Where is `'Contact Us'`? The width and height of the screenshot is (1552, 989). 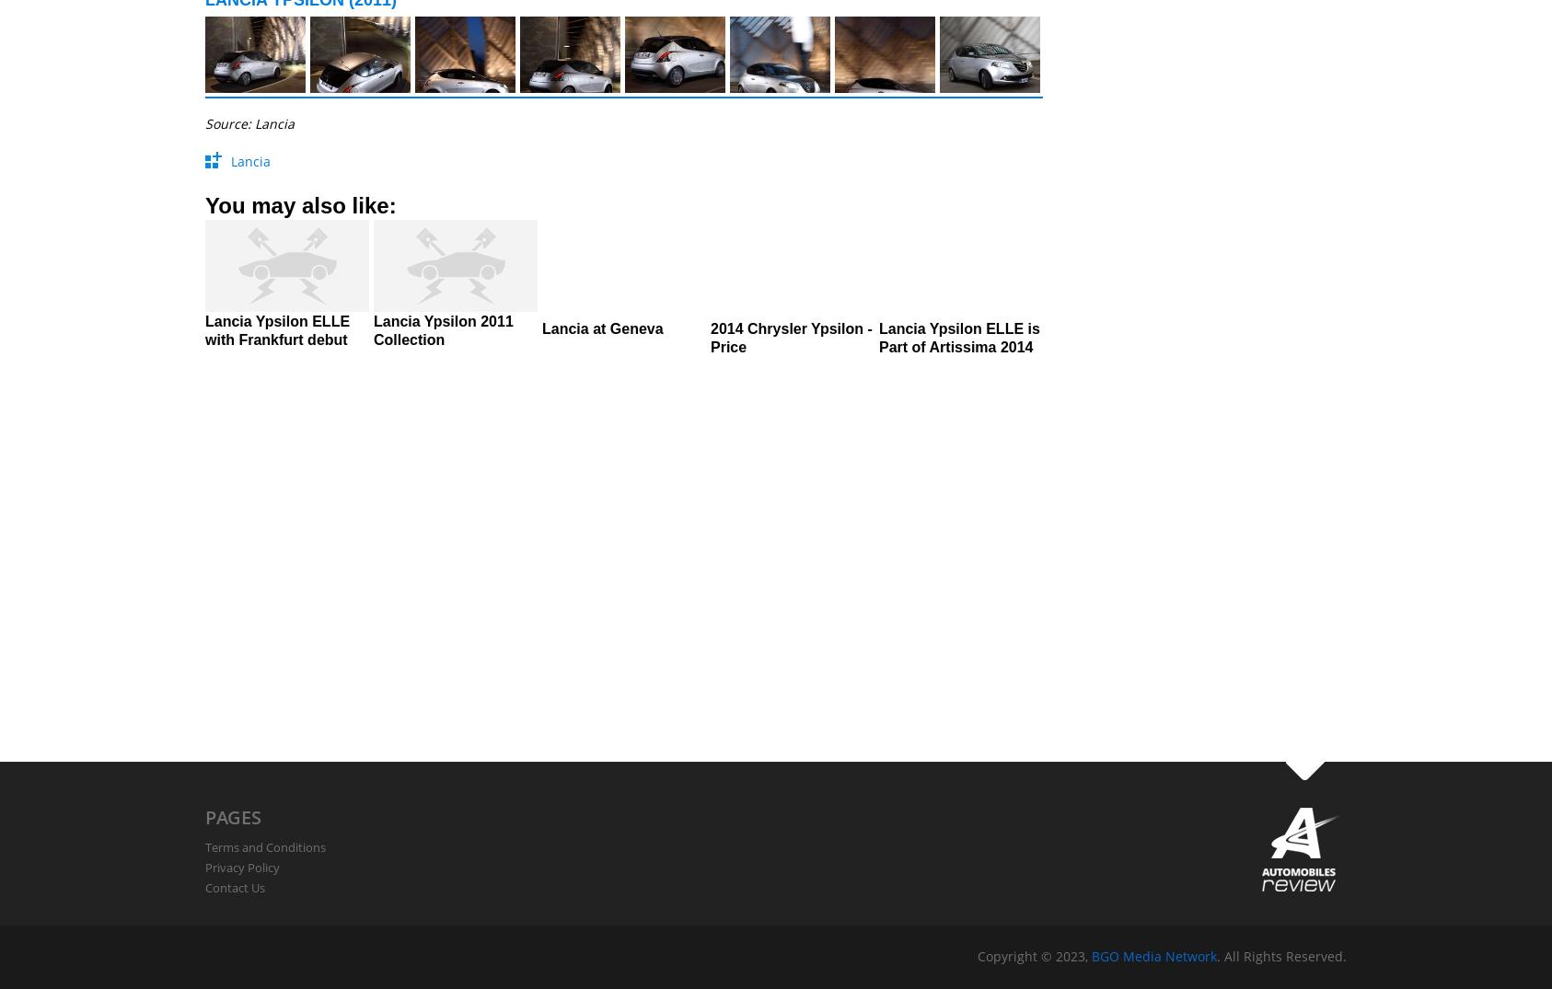
'Contact Us' is located at coordinates (235, 888).